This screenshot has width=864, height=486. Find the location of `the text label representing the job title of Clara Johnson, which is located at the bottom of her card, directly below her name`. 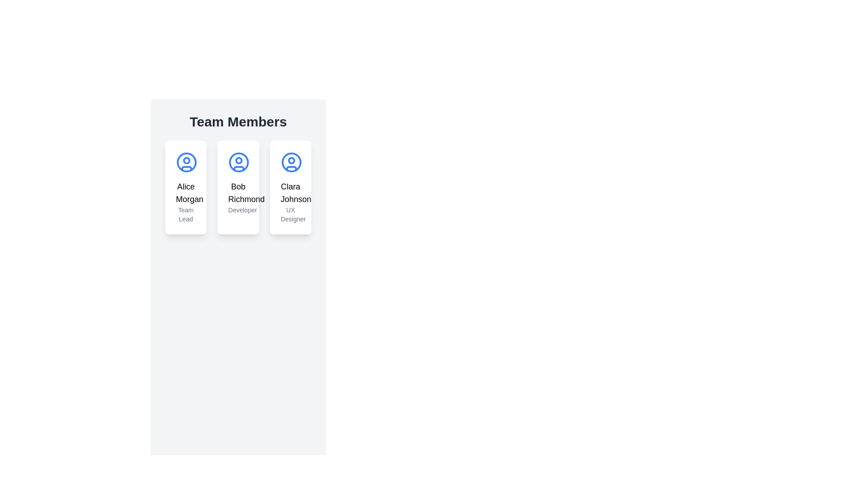

the text label representing the job title of Clara Johnson, which is located at the bottom of her card, directly below her name is located at coordinates (290, 215).